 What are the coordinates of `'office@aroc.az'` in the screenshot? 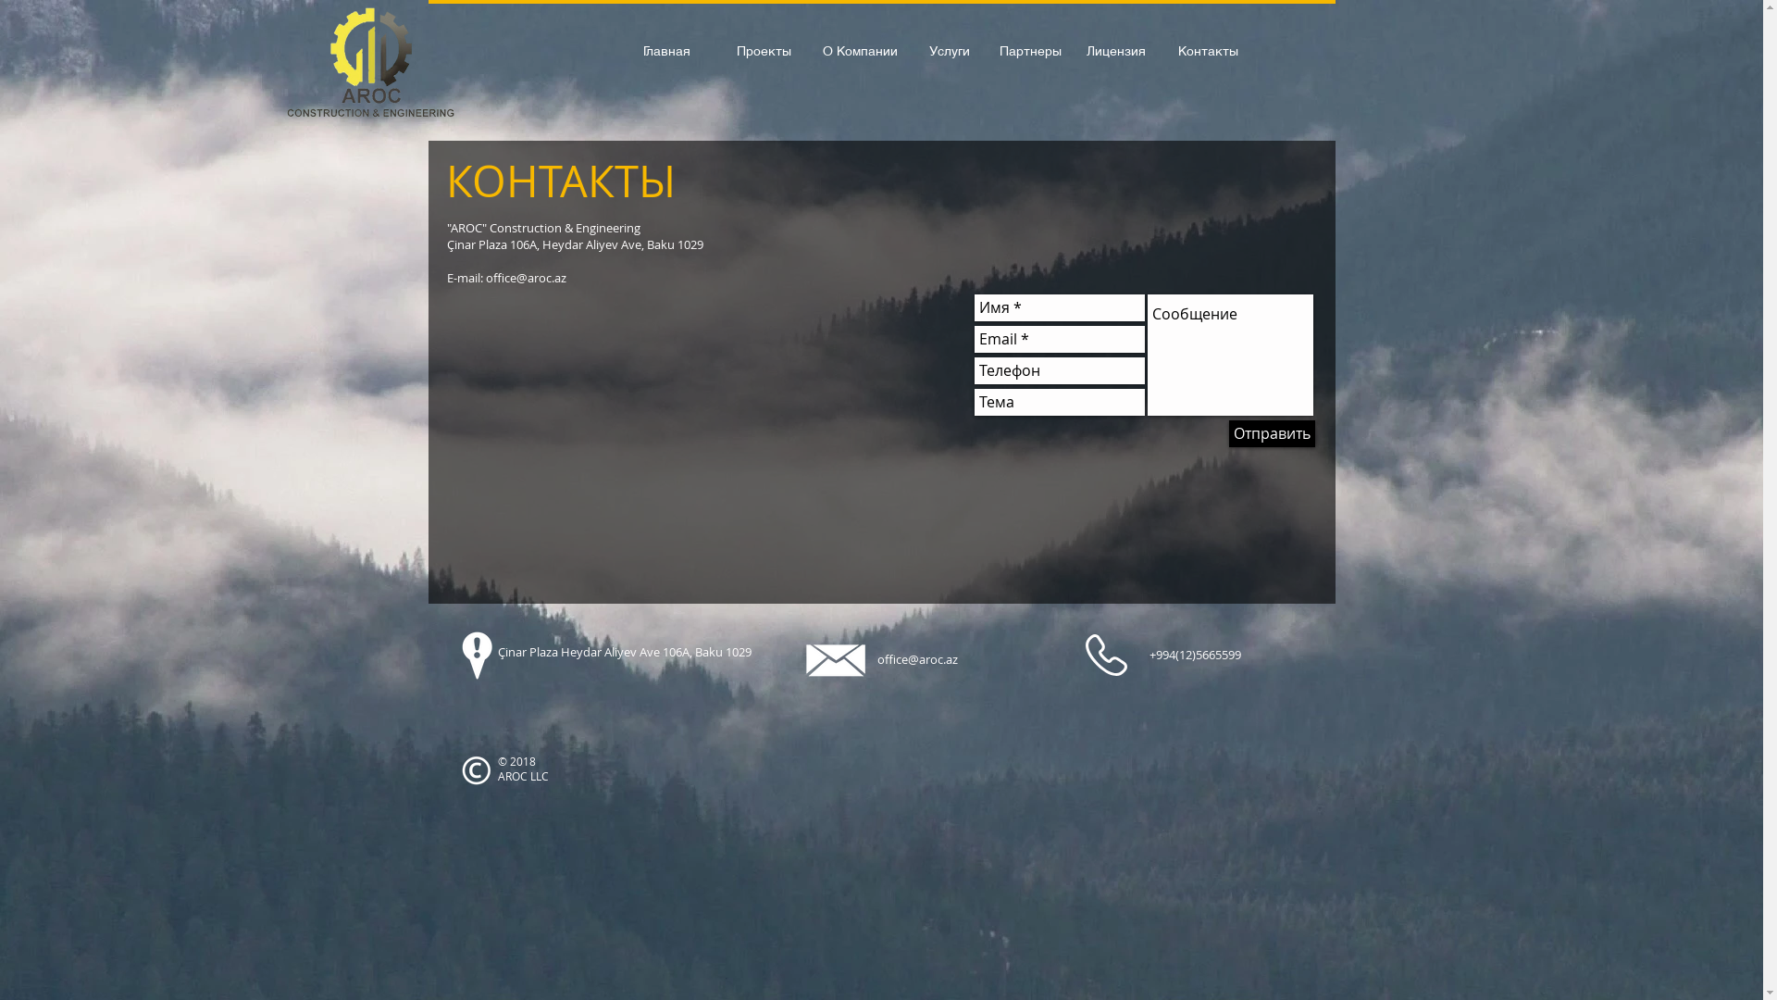 It's located at (917, 658).